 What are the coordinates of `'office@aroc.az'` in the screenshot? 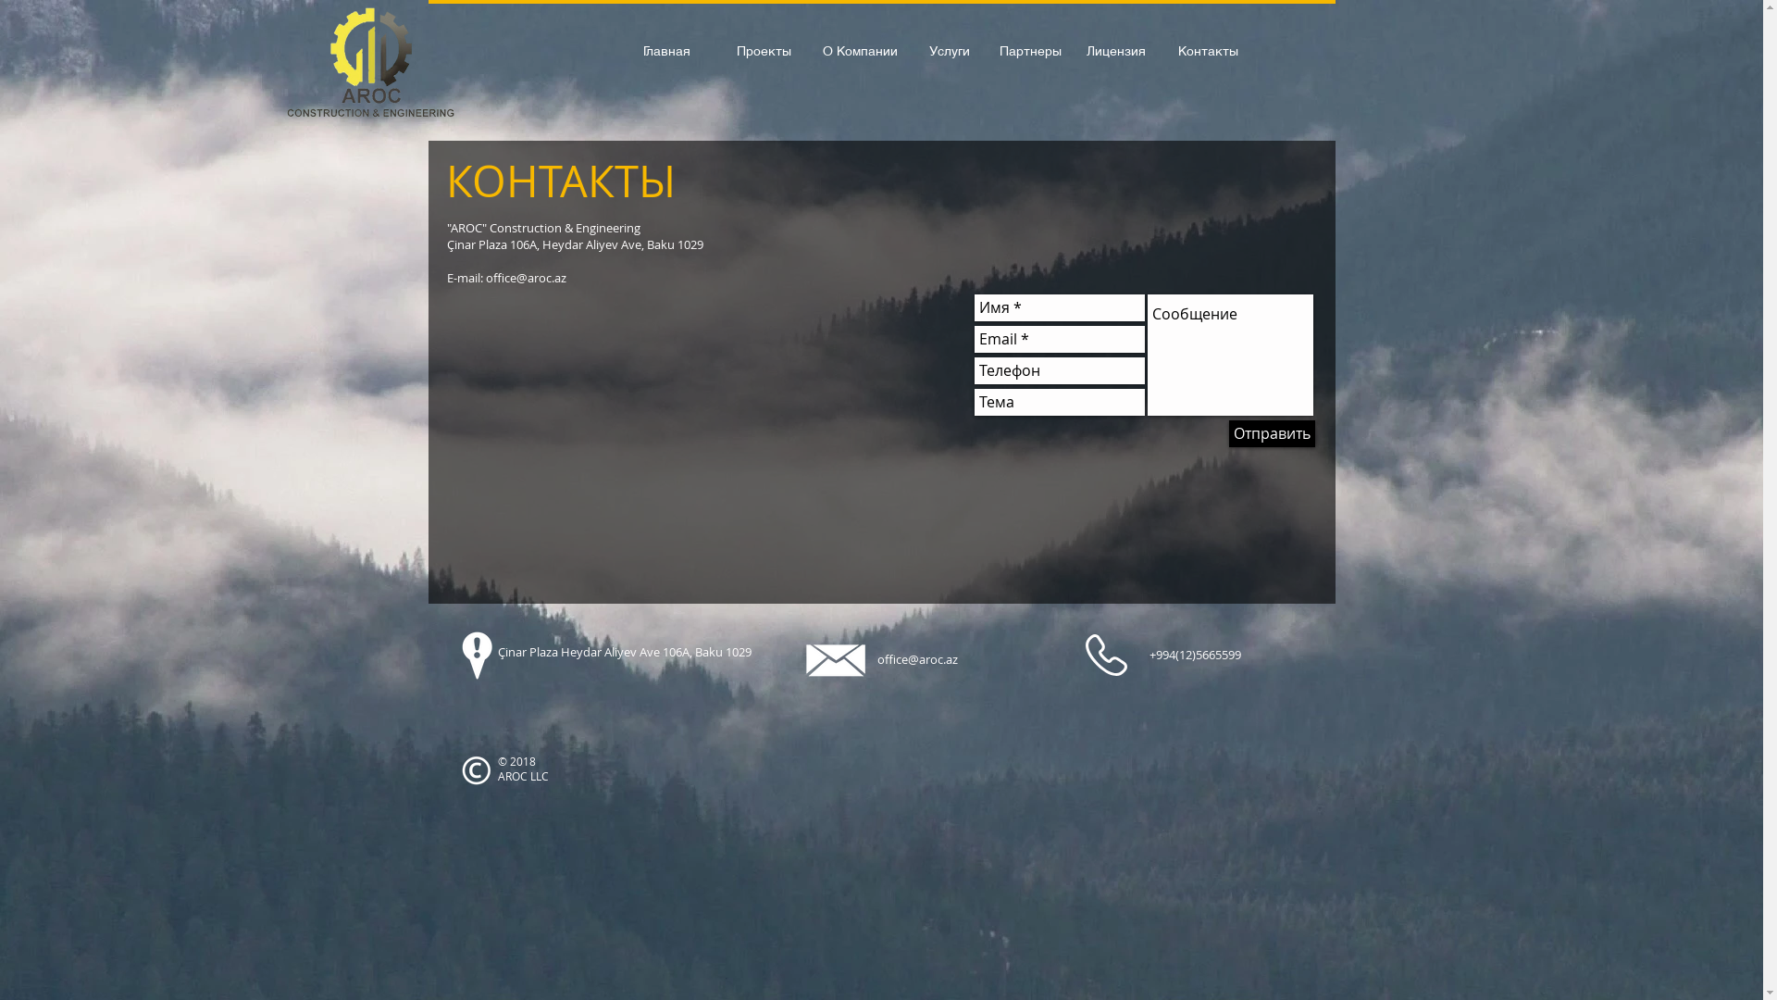 It's located at (917, 658).